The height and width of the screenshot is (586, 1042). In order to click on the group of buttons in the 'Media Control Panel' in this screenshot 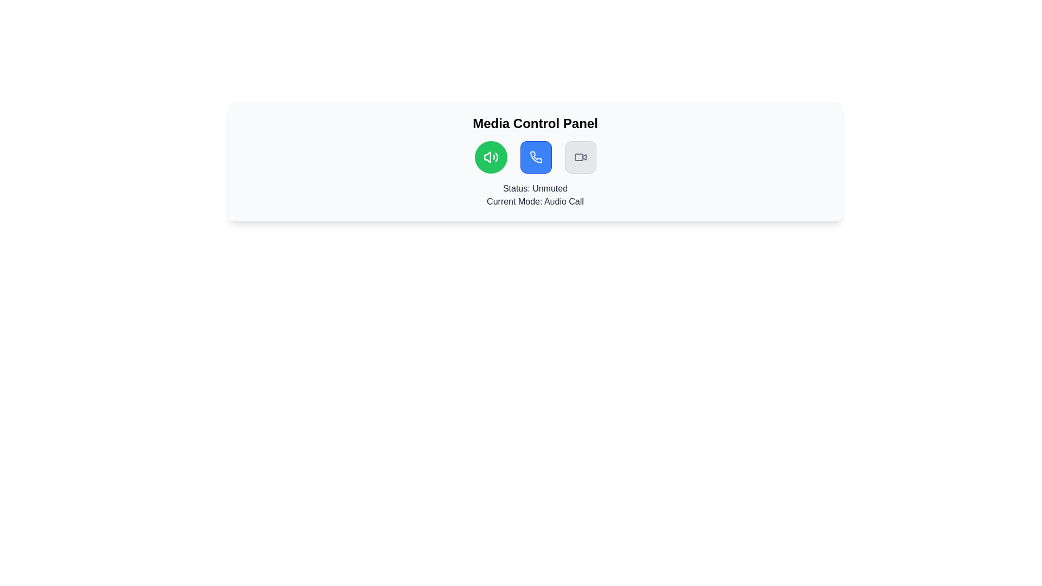, I will do `click(535, 157)`.